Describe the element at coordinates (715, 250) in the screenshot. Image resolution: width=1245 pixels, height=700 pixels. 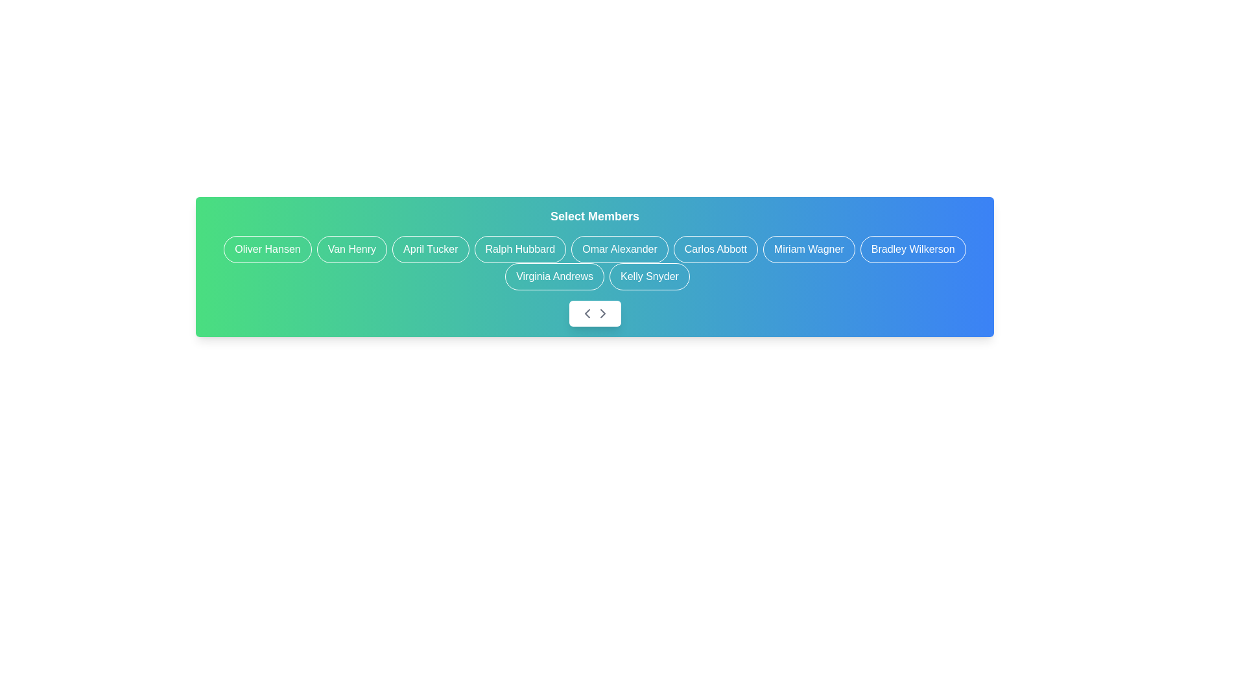
I see `the button that selects or highlights the user 'Carlos Abbott', which is the sixth button in a horizontally aligned list, positioned between 'Omar Alexander' and 'Miriam Wagner'` at that location.